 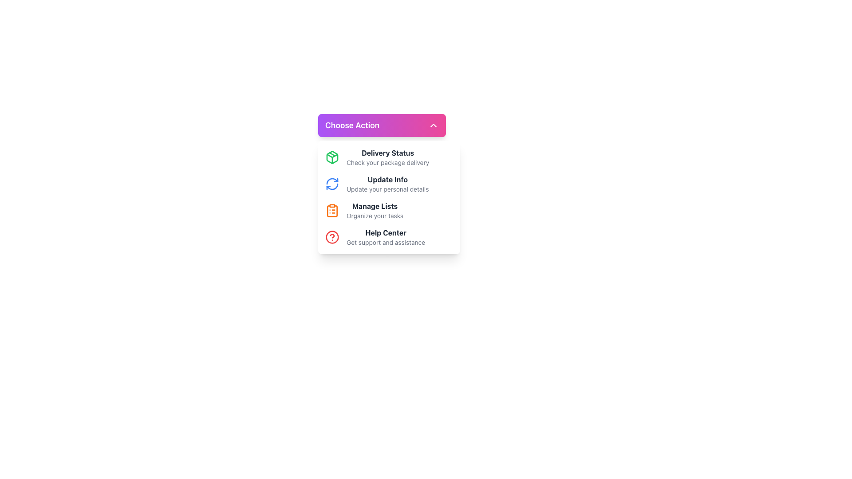 What do you see at coordinates (331, 211) in the screenshot?
I see `the clipboard icon in the third row of the menu options to the left of the 'Manage Lists' text` at bounding box center [331, 211].